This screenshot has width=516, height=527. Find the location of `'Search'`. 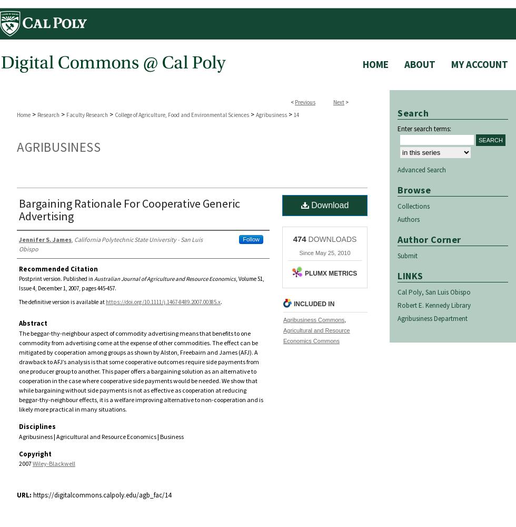

'Search' is located at coordinates (413, 112).